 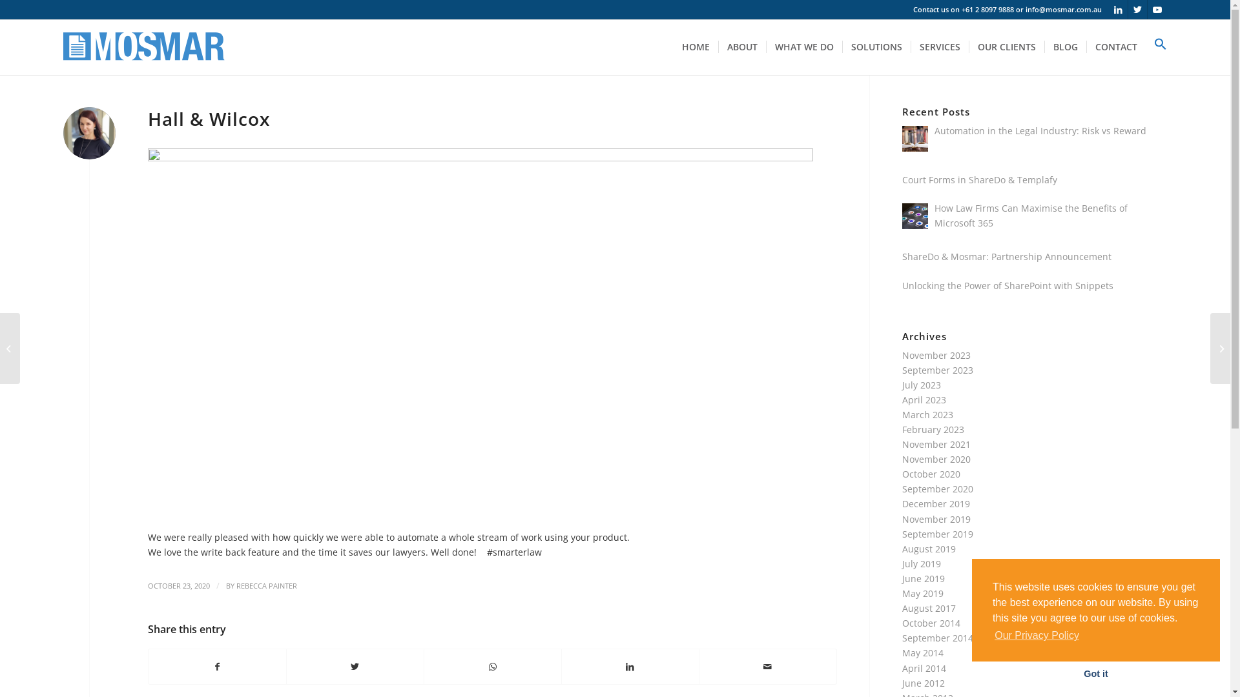 I want to click on 'ShareDo & Mosmar: Partnership Announcement', so click(x=1006, y=256).